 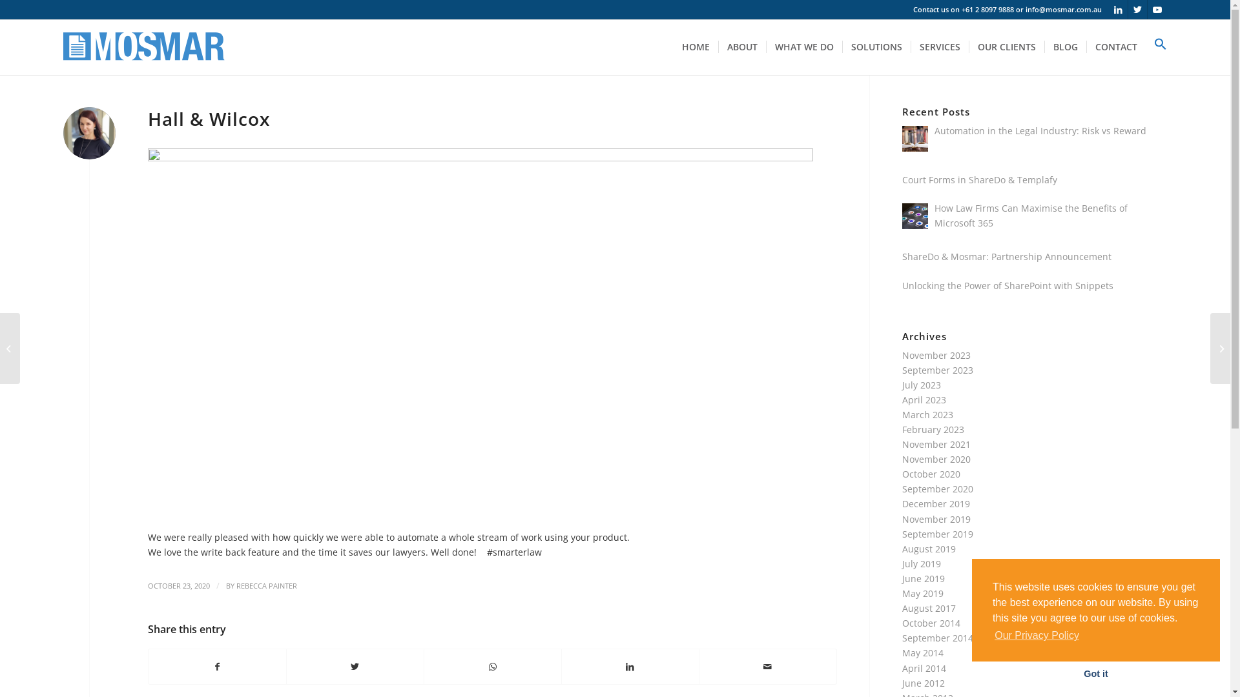 I want to click on 'ShareDo & Mosmar: Partnership Announcement', so click(x=1006, y=256).